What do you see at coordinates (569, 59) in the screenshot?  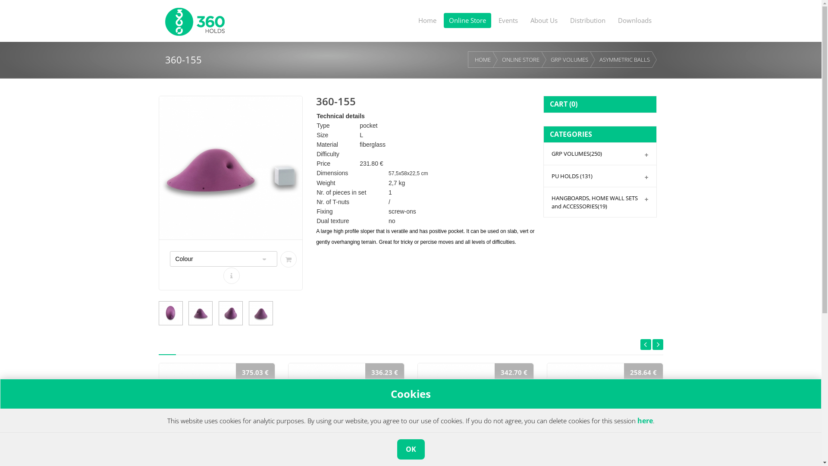 I see `'GRP VOLUMES'` at bounding box center [569, 59].